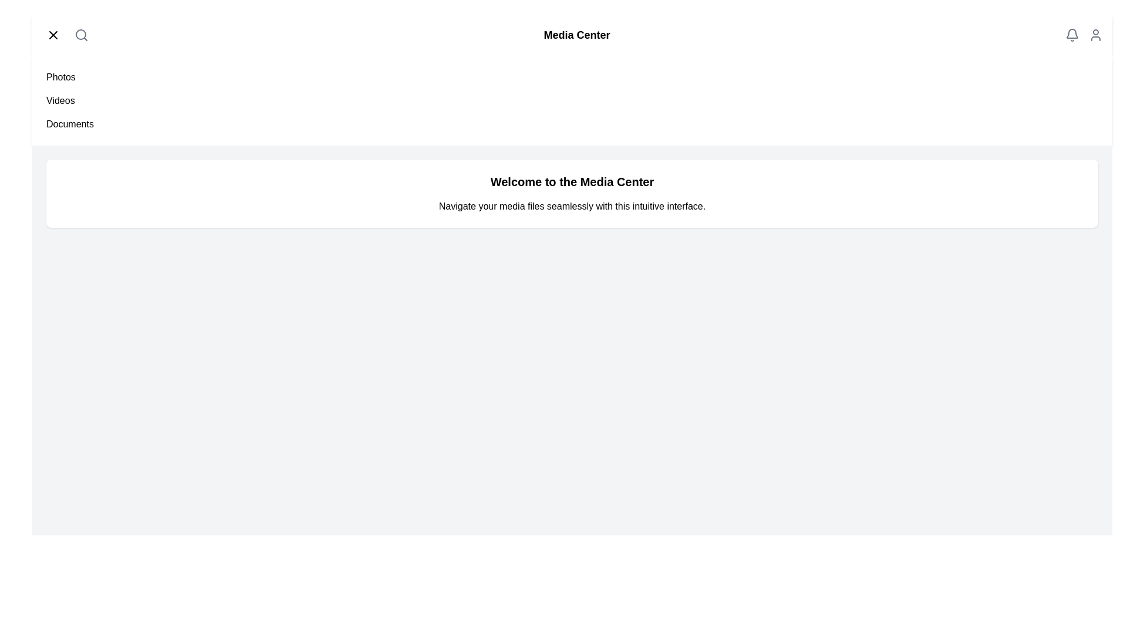  I want to click on the menu item Videos from the side menu, so click(59, 100).